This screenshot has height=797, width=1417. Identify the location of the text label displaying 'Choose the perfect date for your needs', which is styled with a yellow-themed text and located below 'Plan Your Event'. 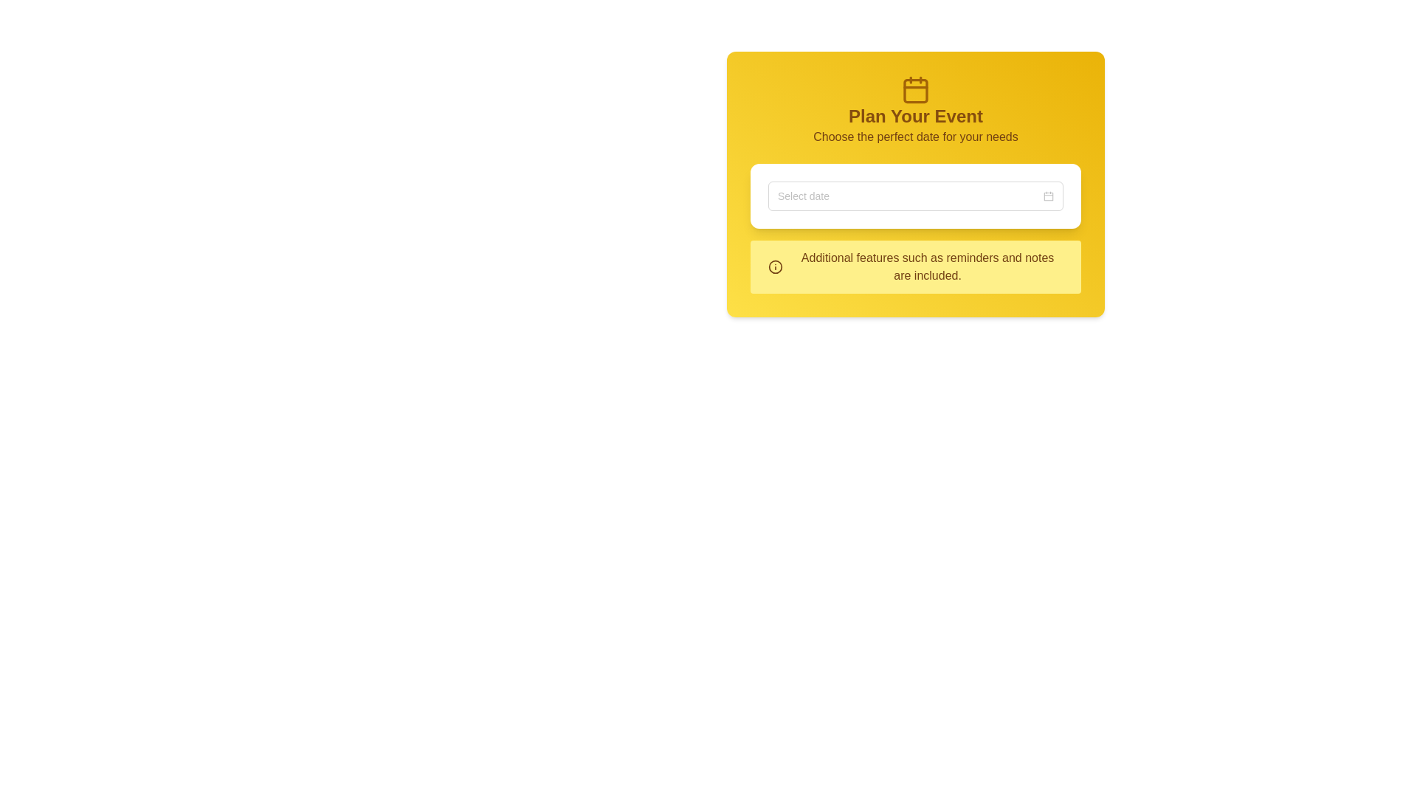
(915, 137).